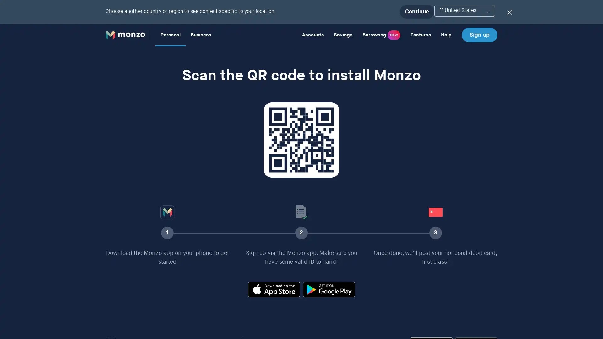 The image size is (603, 339). What do you see at coordinates (313, 35) in the screenshot?
I see `Accounts` at bounding box center [313, 35].